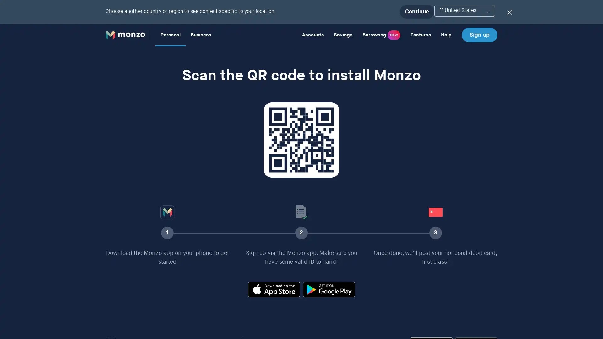 The image size is (603, 339). What do you see at coordinates (313, 35) in the screenshot?
I see `Accounts` at bounding box center [313, 35].